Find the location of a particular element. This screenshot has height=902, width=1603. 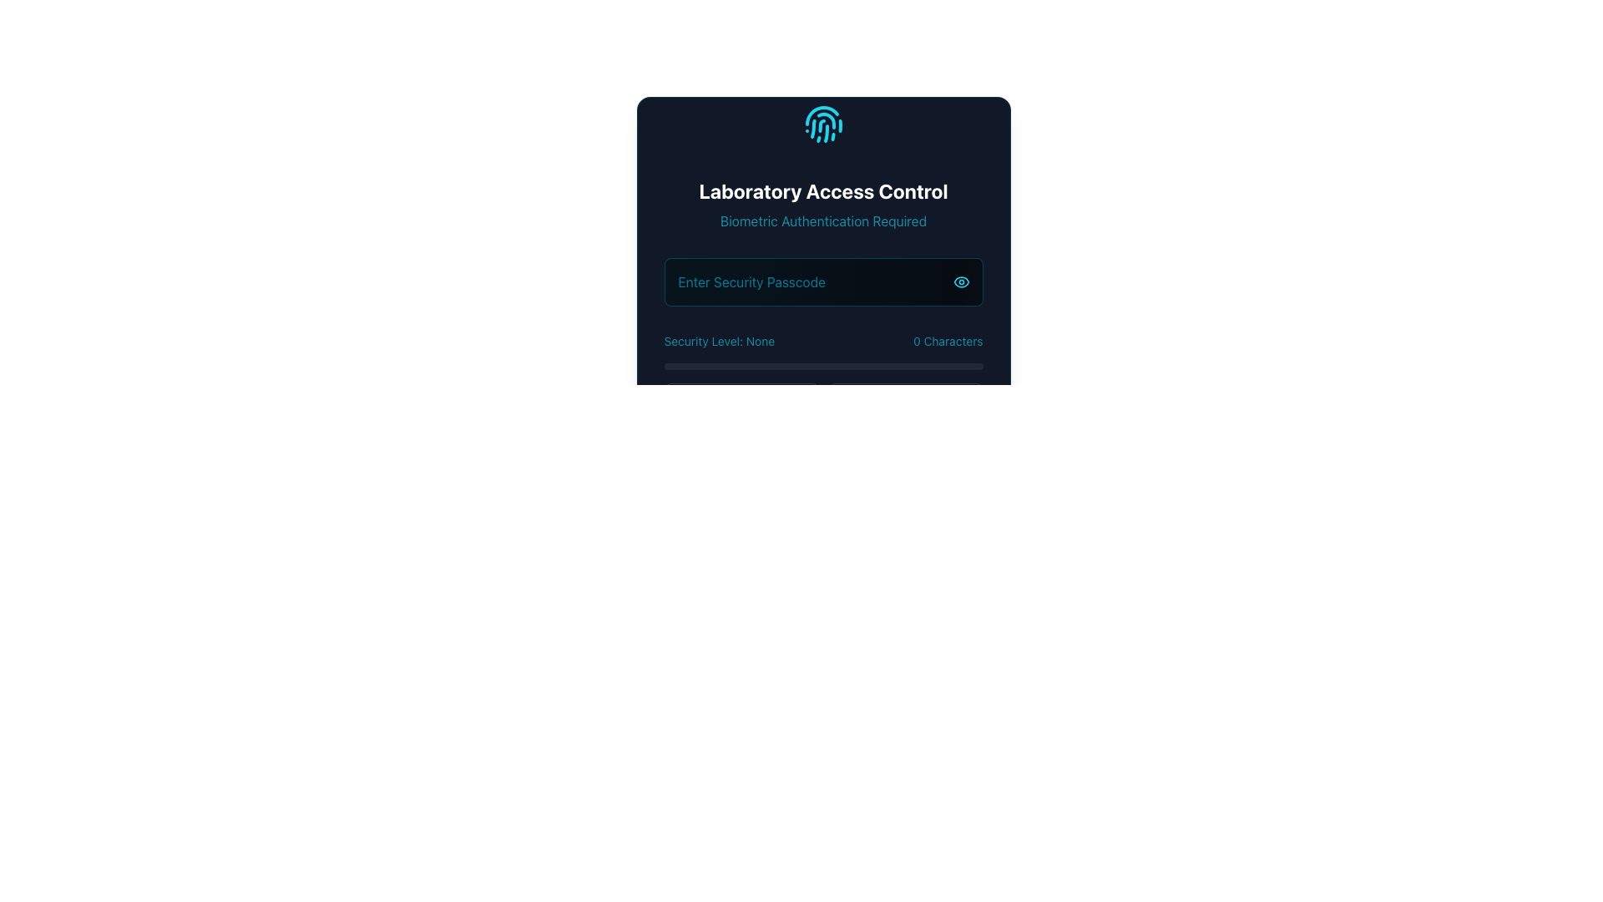

the Static text label that displays the dynamic character count, located to the right of 'Security Level: None' is located at coordinates (948, 340).